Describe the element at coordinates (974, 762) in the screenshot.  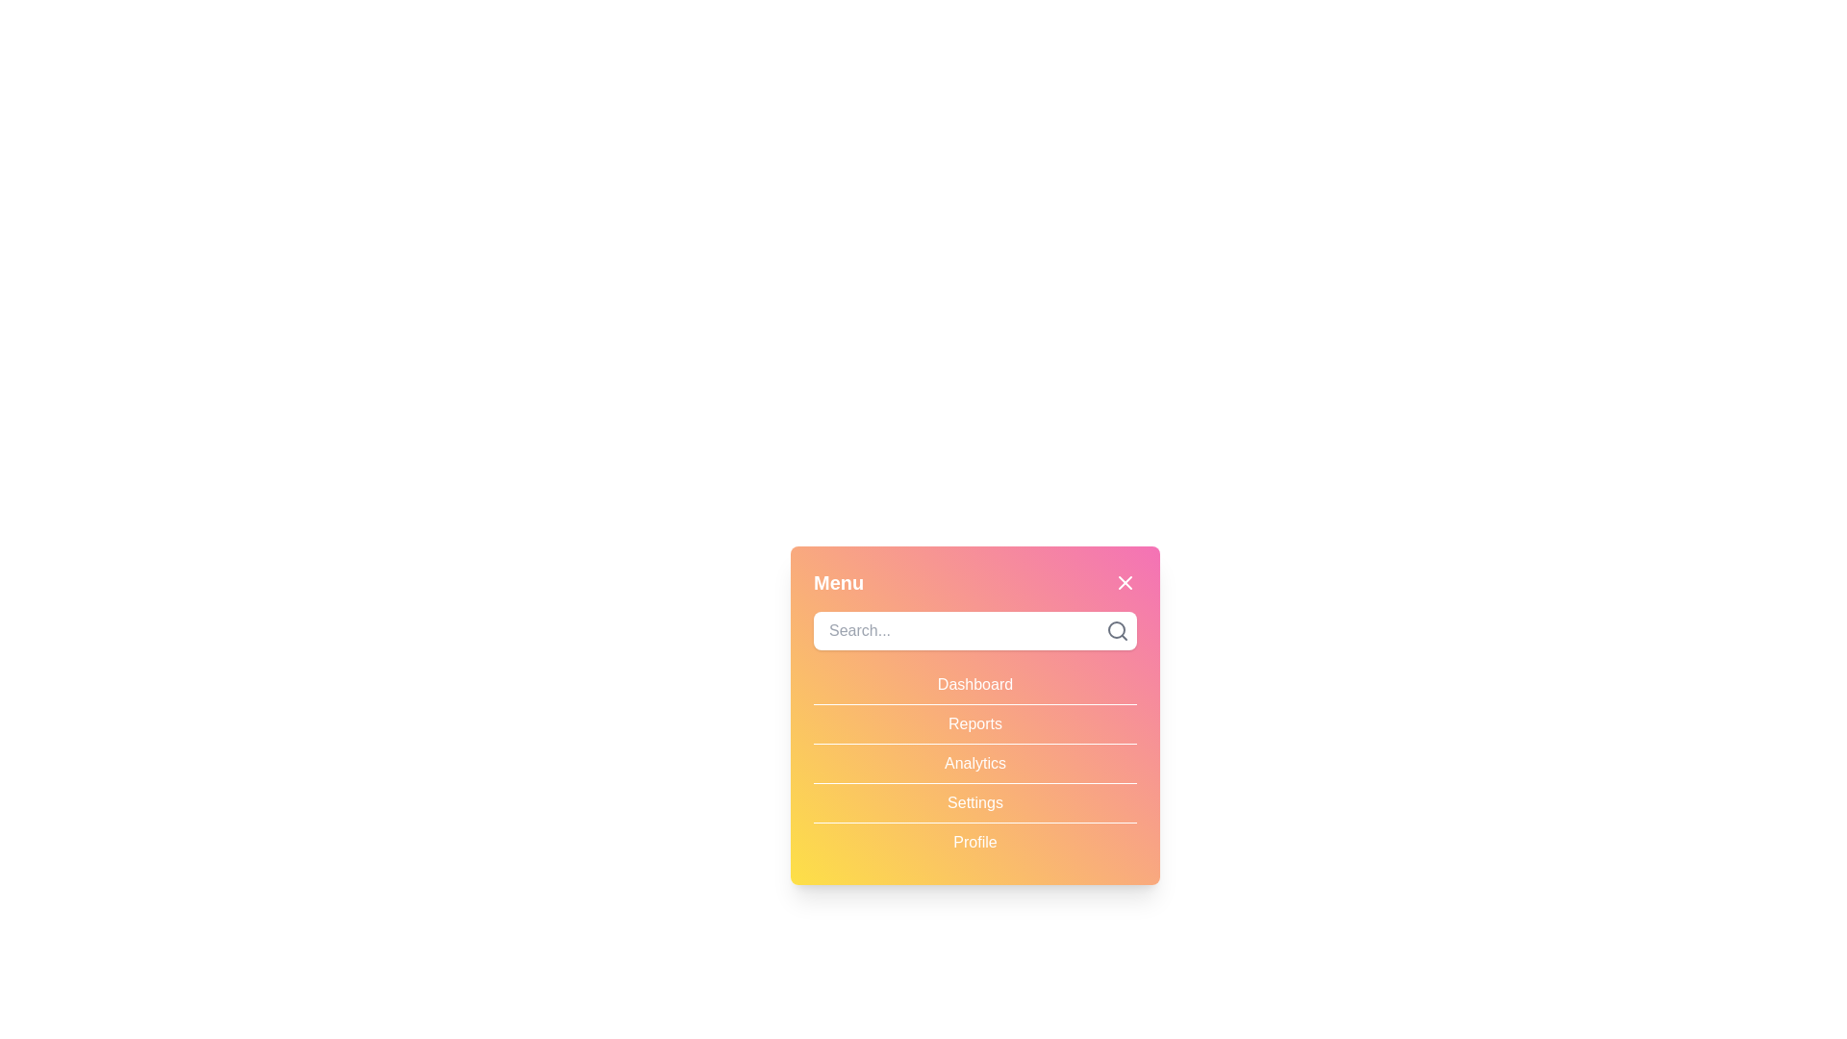
I see `the menu item Analytics to select it` at that location.